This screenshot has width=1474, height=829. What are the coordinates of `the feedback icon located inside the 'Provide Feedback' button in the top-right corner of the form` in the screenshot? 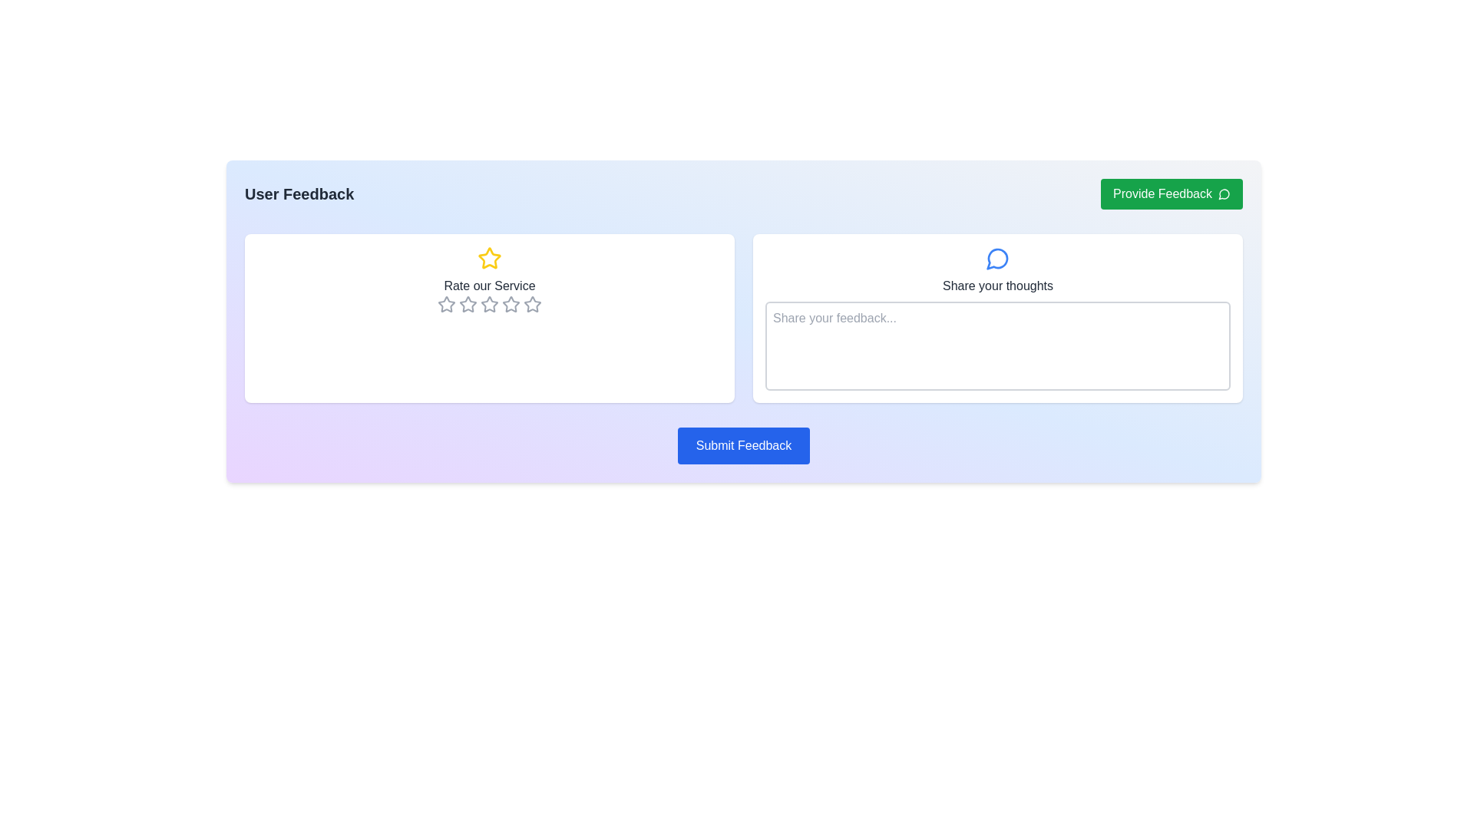 It's located at (1223, 193).